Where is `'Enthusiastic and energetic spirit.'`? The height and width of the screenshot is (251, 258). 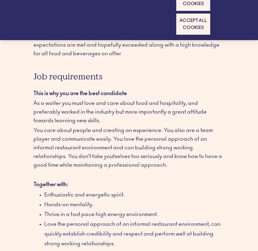
'Enthusiastic and energetic spirit.' is located at coordinates (44, 195).